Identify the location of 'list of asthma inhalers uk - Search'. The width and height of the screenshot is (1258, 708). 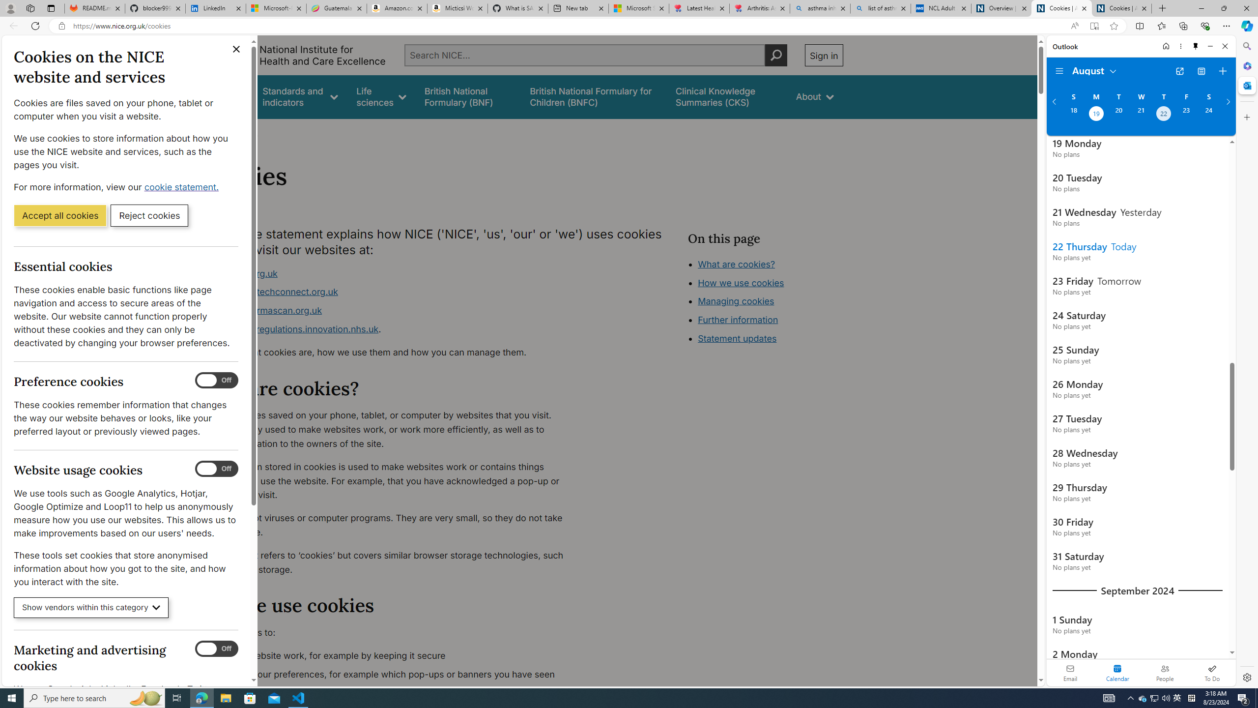
(880, 8).